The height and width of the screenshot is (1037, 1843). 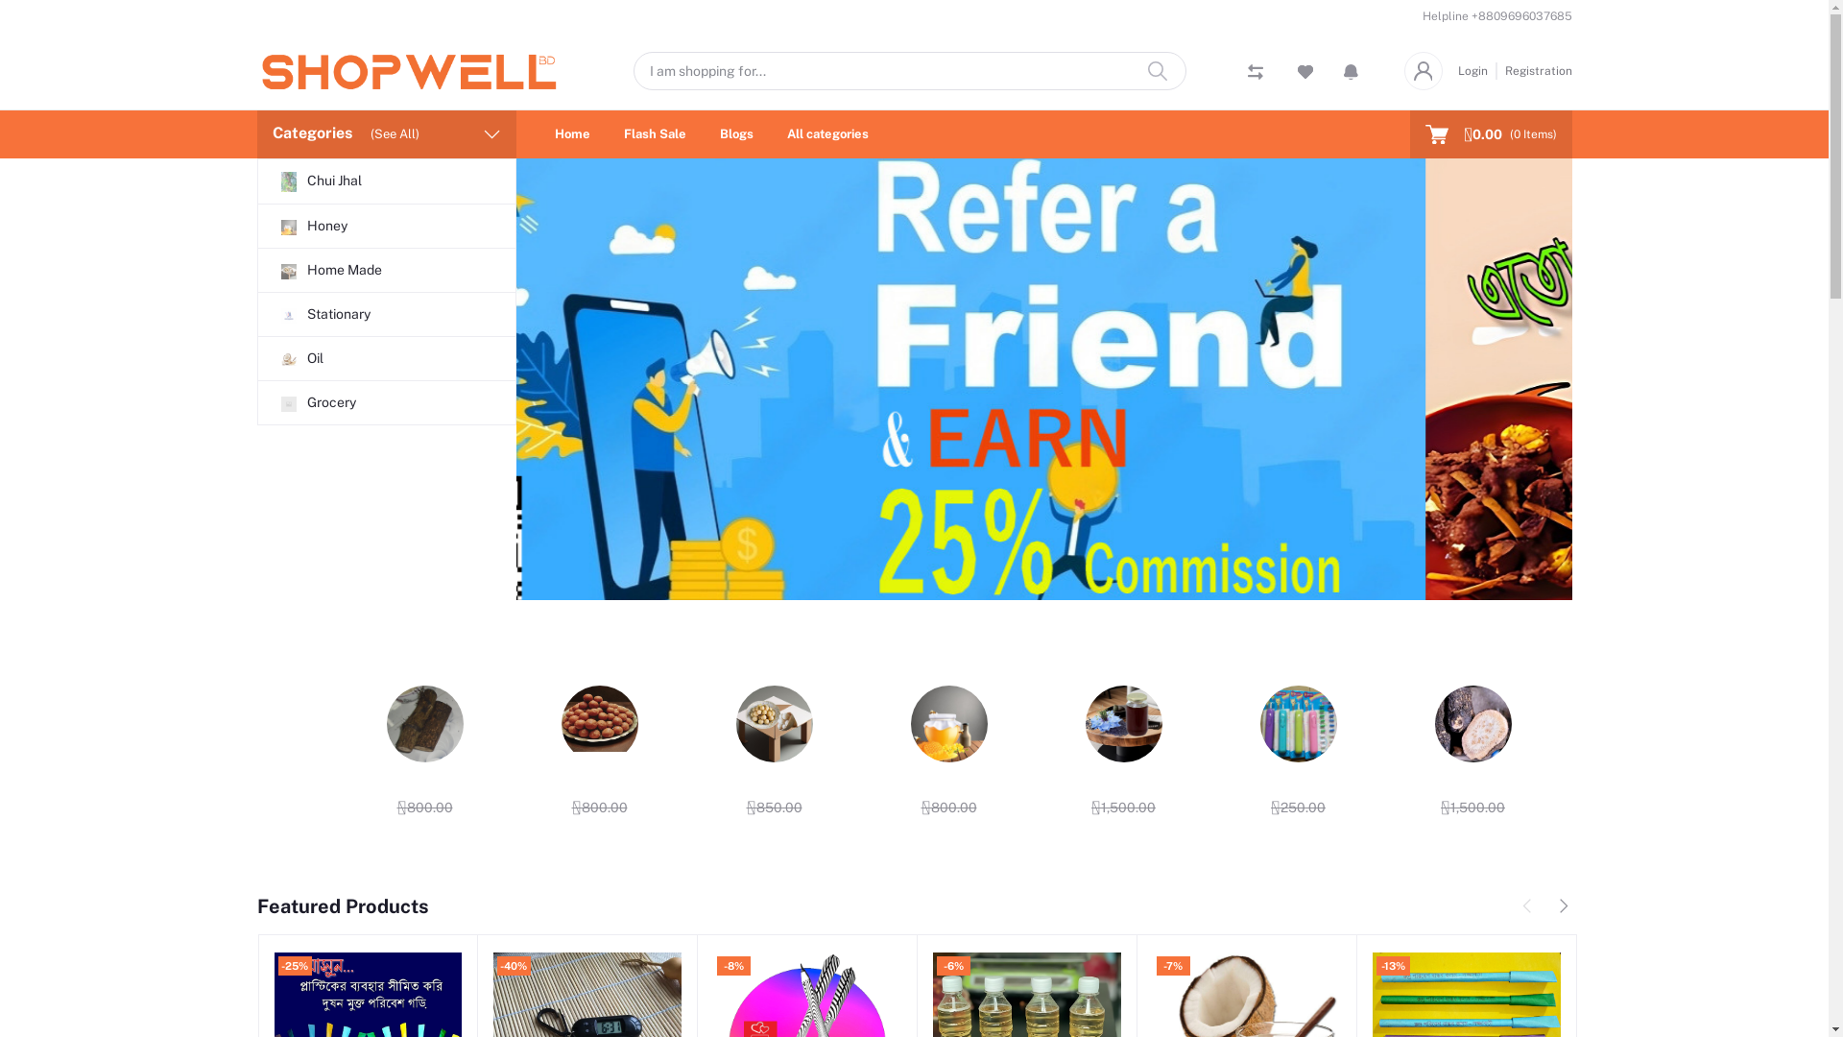 What do you see at coordinates (385, 181) in the screenshot?
I see `'Chui Jhal'` at bounding box center [385, 181].